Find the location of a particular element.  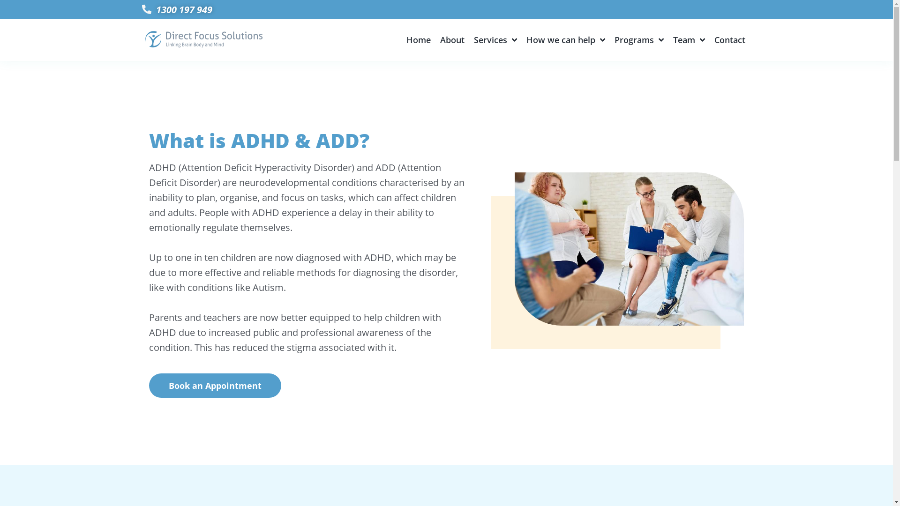

'About' is located at coordinates (452, 39).